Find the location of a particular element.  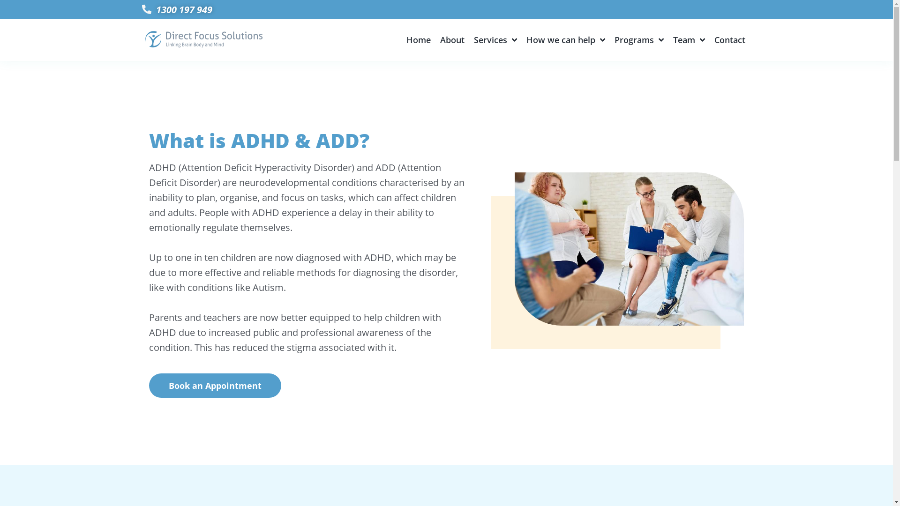

'About' is located at coordinates (452, 39).